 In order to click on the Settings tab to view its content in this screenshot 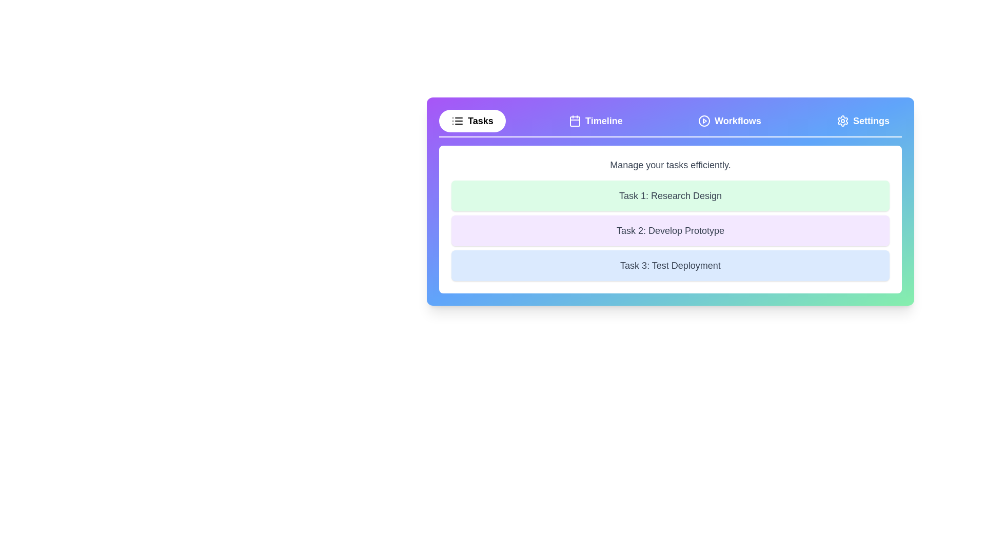, I will do `click(862, 120)`.